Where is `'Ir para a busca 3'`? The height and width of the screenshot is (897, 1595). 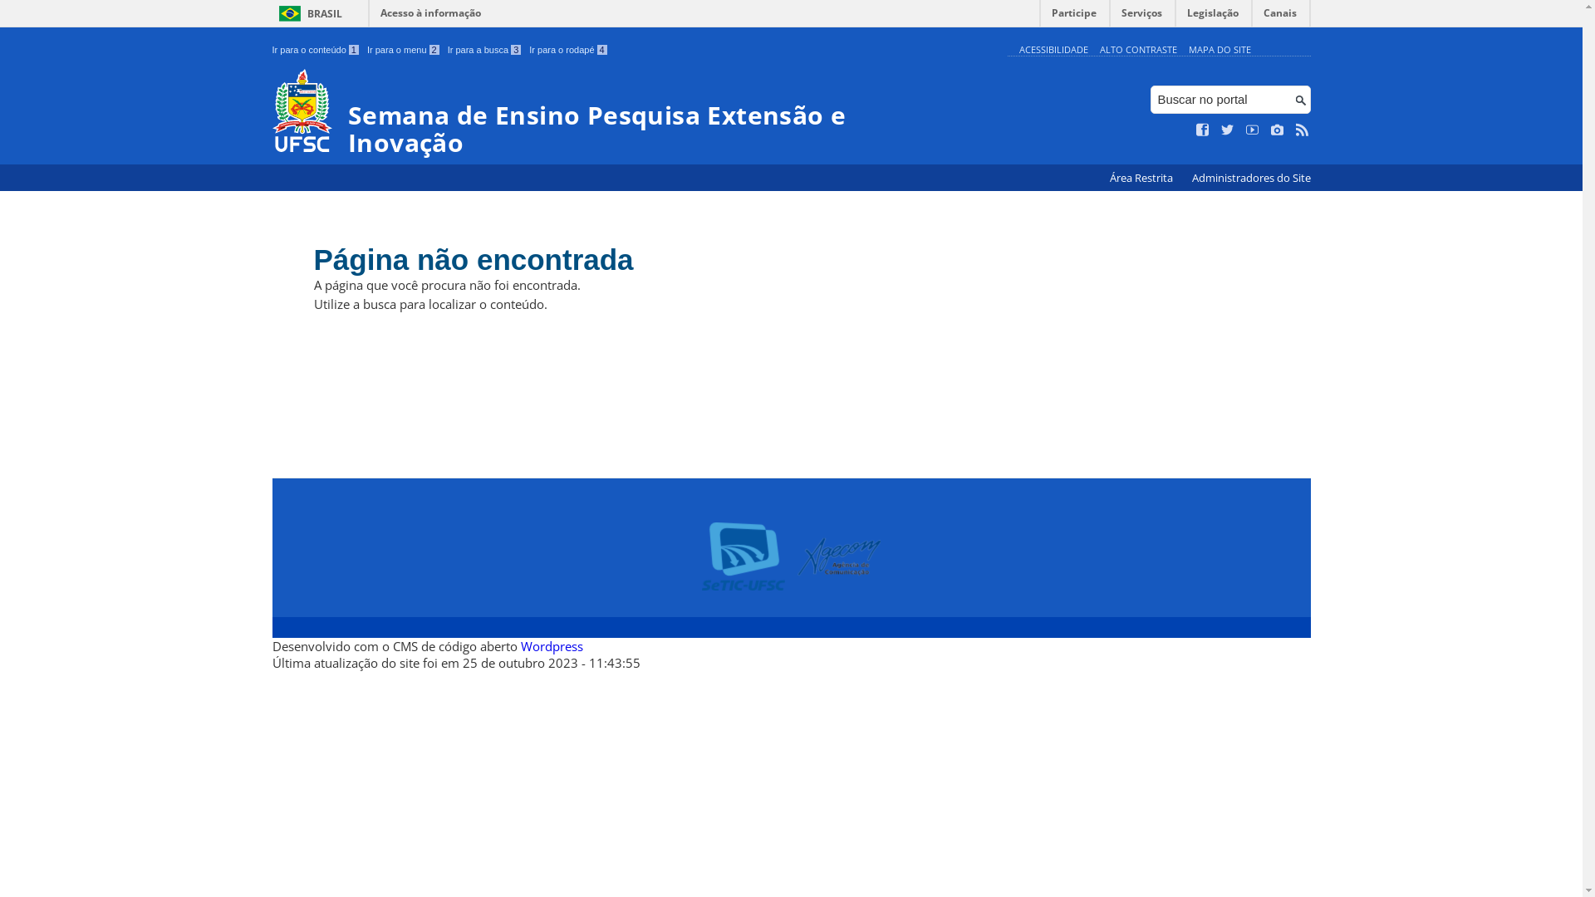 'Ir para a busca 3' is located at coordinates (483, 49).